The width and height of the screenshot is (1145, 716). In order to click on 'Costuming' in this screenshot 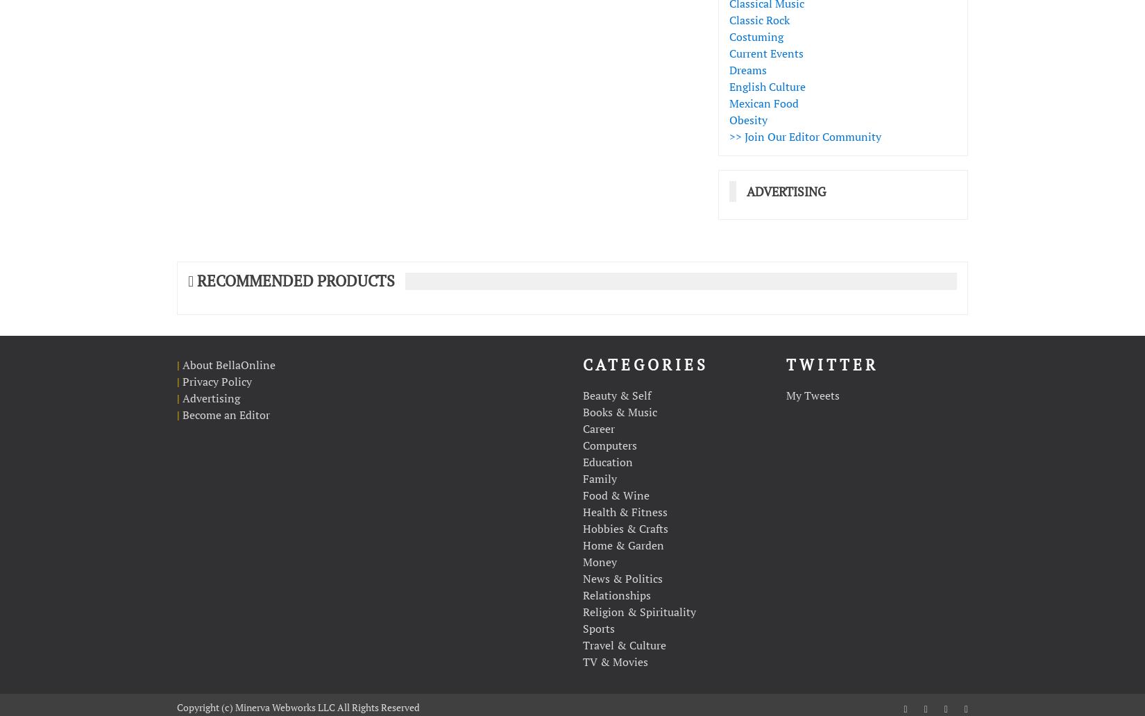, I will do `click(756, 37)`.